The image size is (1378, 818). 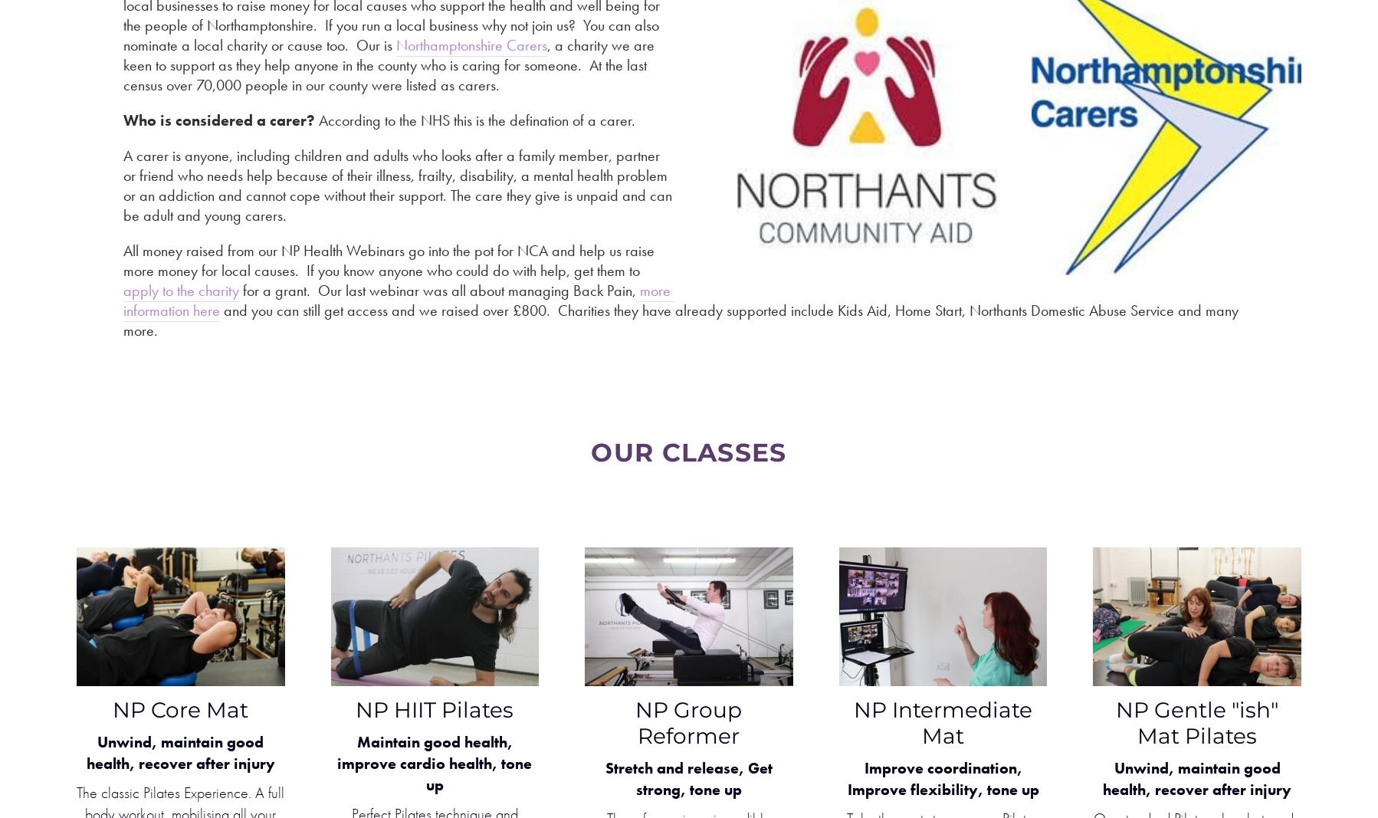 What do you see at coordinates (399, 300) in the screenshot?
I see `'more information here'` at bounding box center [399, 300].